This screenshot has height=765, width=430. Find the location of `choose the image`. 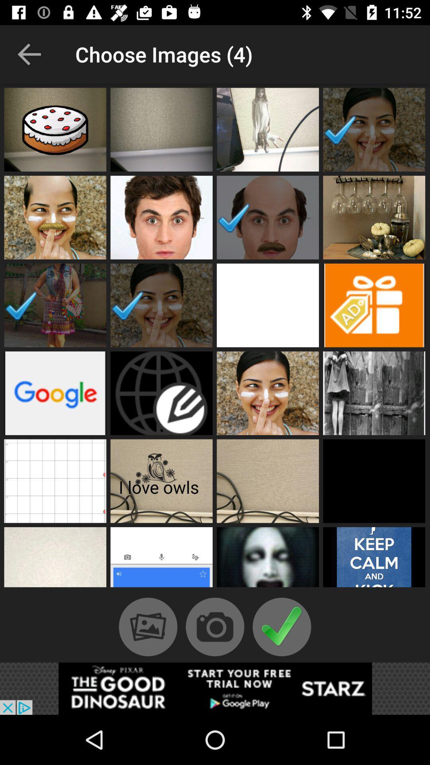

choose the image is located at coordinates (374, 559).